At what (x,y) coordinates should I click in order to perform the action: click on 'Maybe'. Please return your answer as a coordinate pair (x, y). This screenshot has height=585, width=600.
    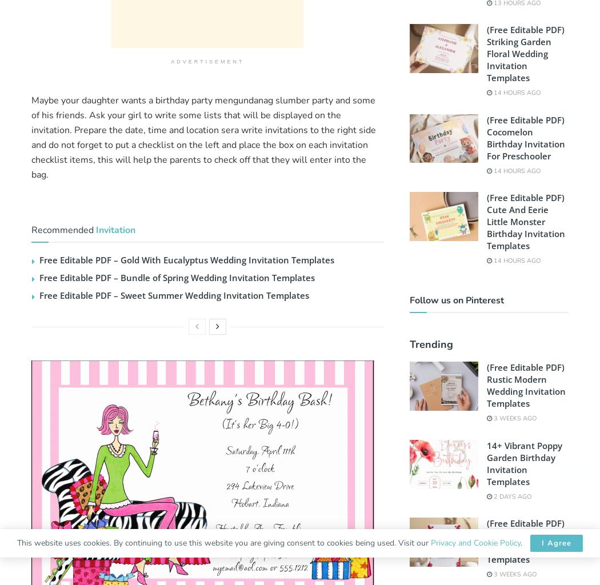
    Looking at the image, I should click on (31, 100).